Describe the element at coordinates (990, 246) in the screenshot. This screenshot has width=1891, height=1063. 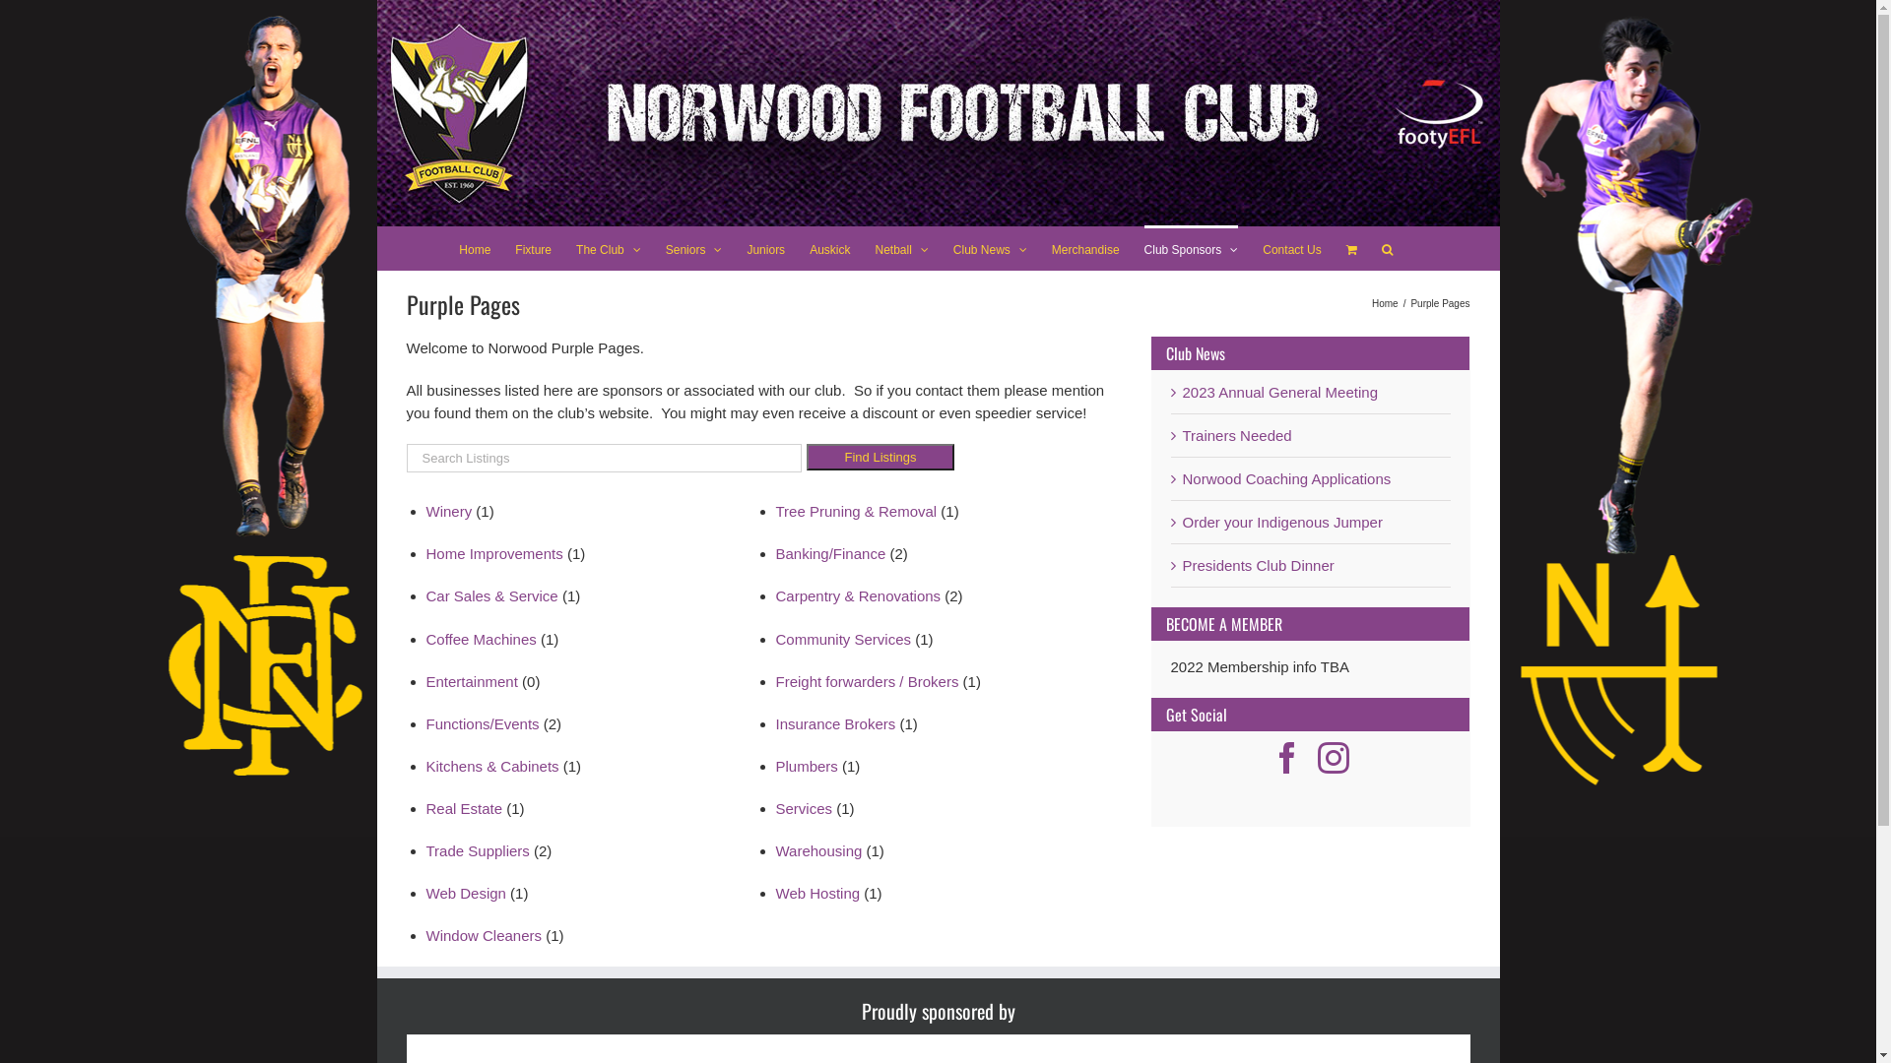
I see `'Club News'` at that location.